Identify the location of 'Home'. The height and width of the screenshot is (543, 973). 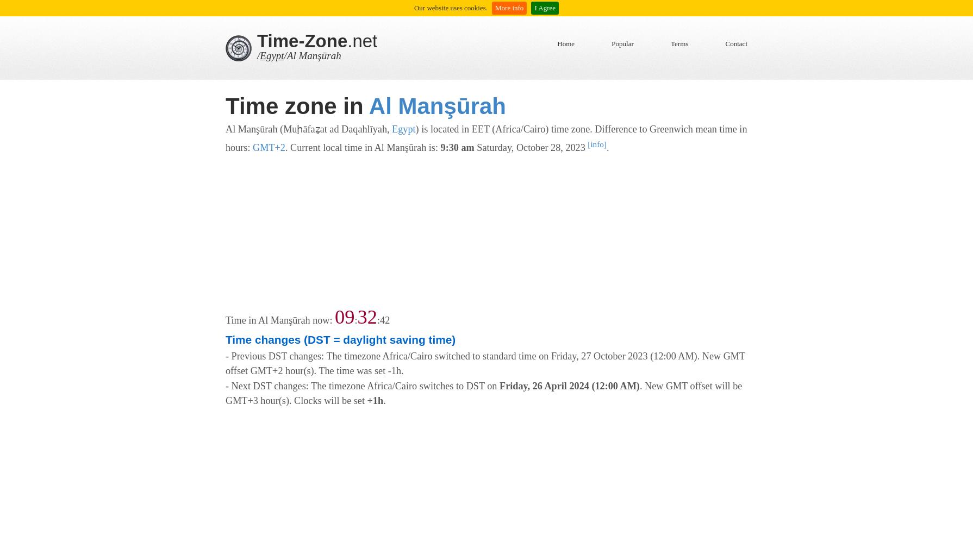
(566, 43).